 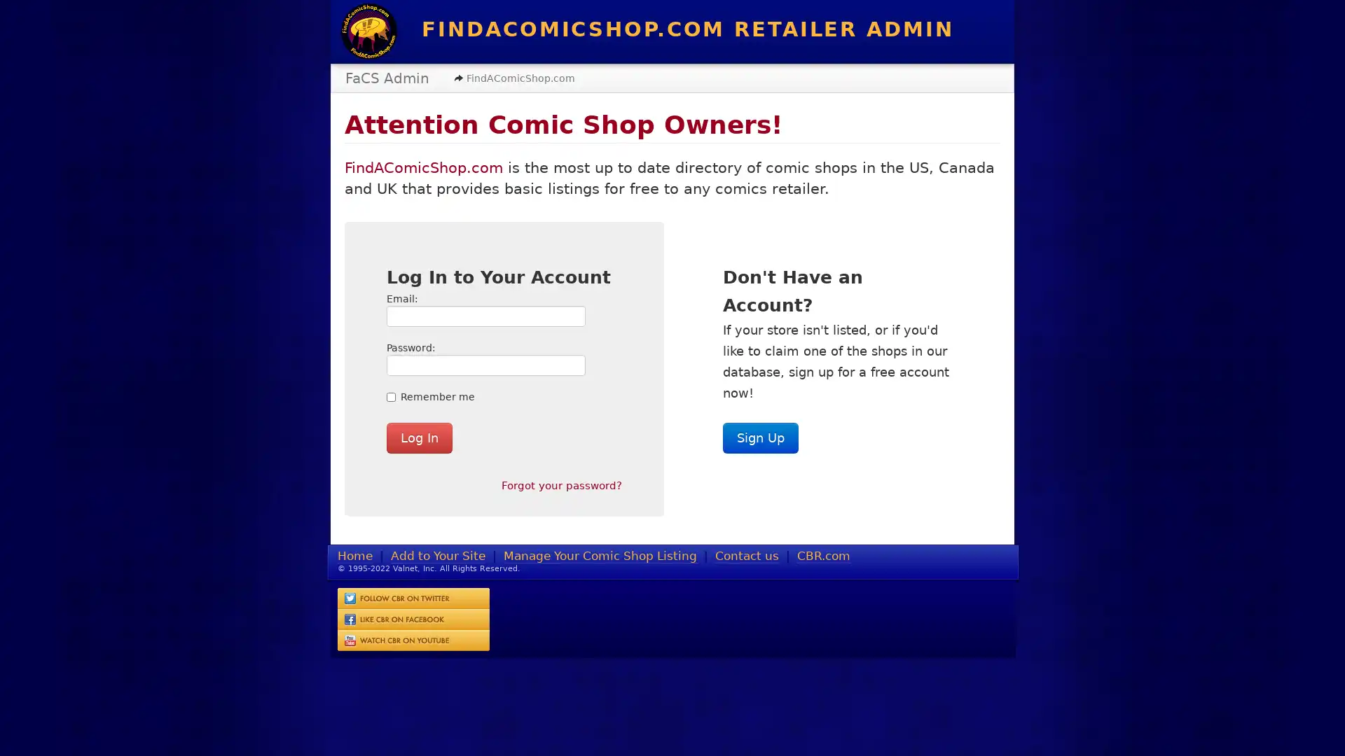 I want to click on Sign Up, so click(x=759, y=436).